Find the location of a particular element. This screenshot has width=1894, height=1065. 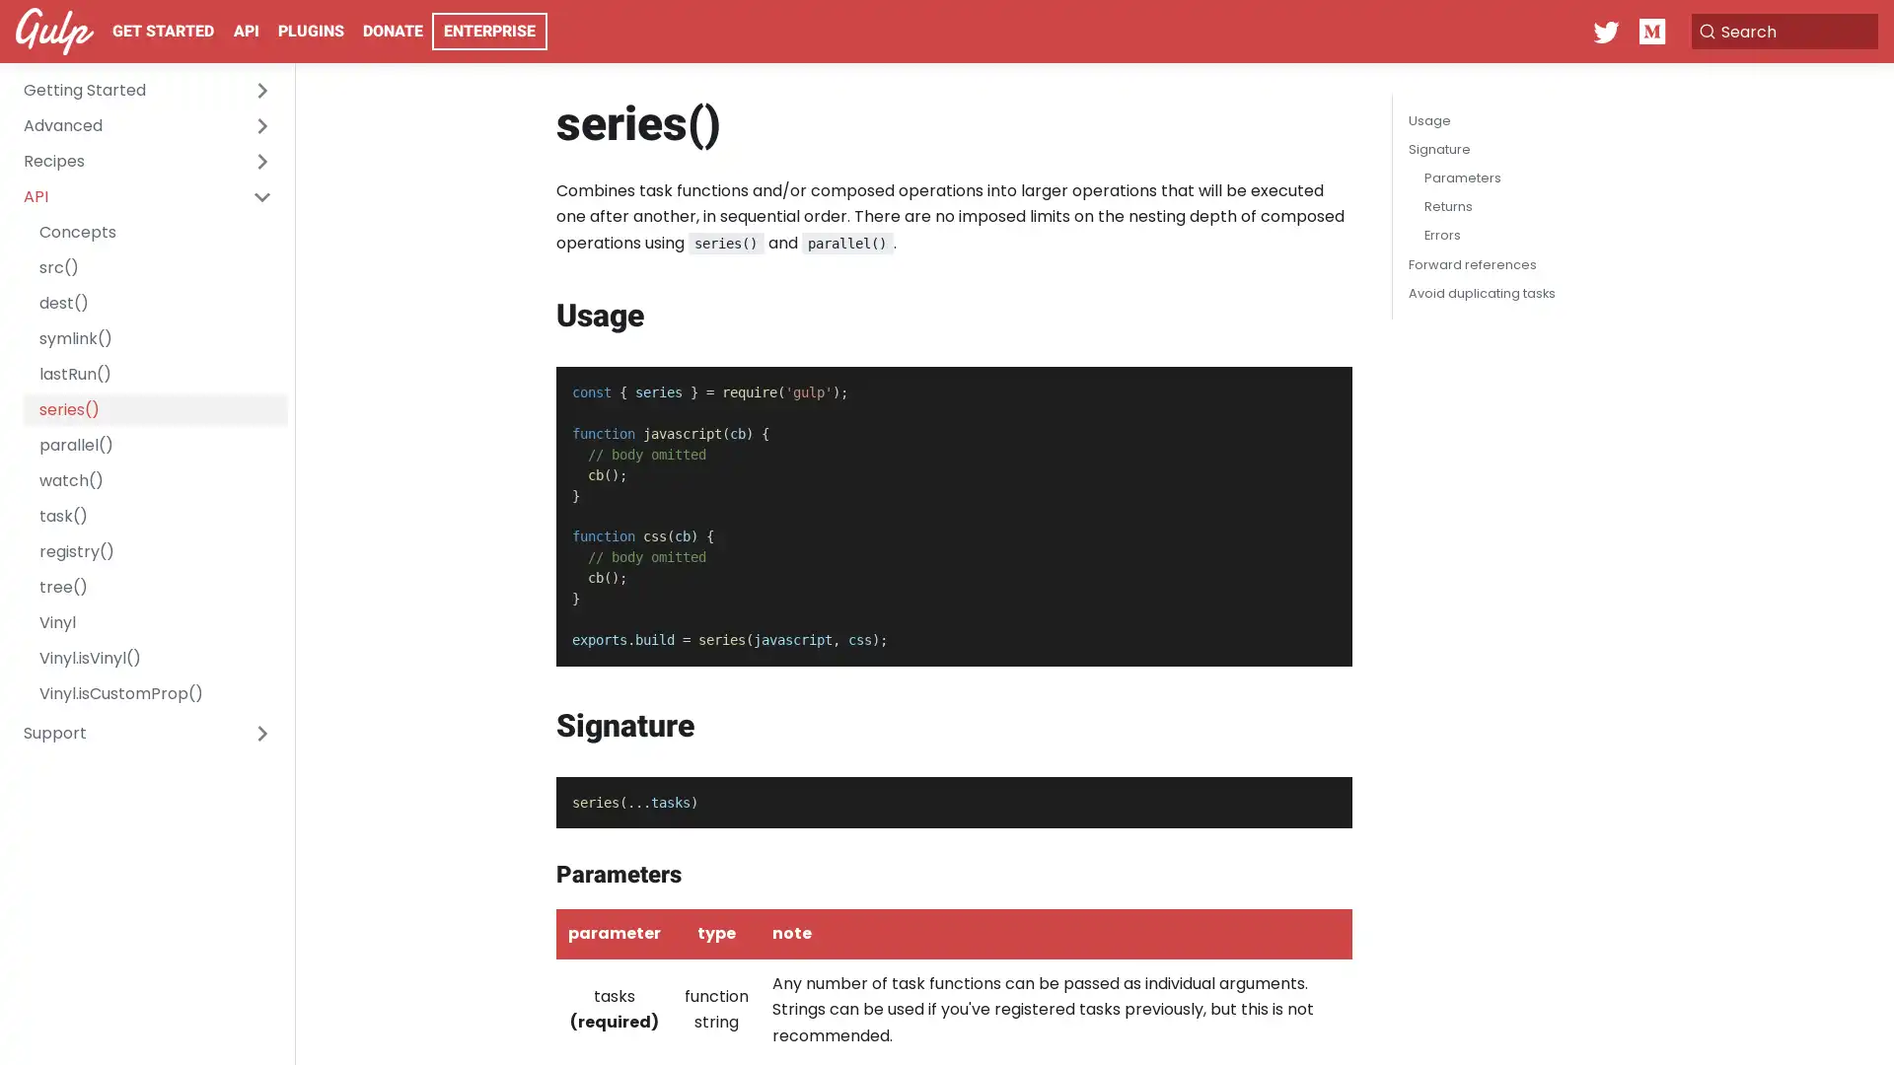

Search is located at coordinates (1780, 31).